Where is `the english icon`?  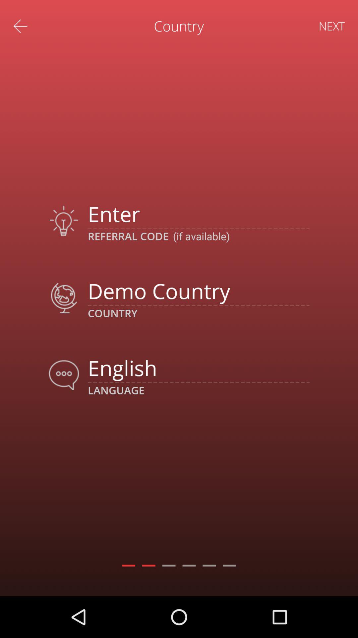
the english icon is located at coordinates (198, 368).